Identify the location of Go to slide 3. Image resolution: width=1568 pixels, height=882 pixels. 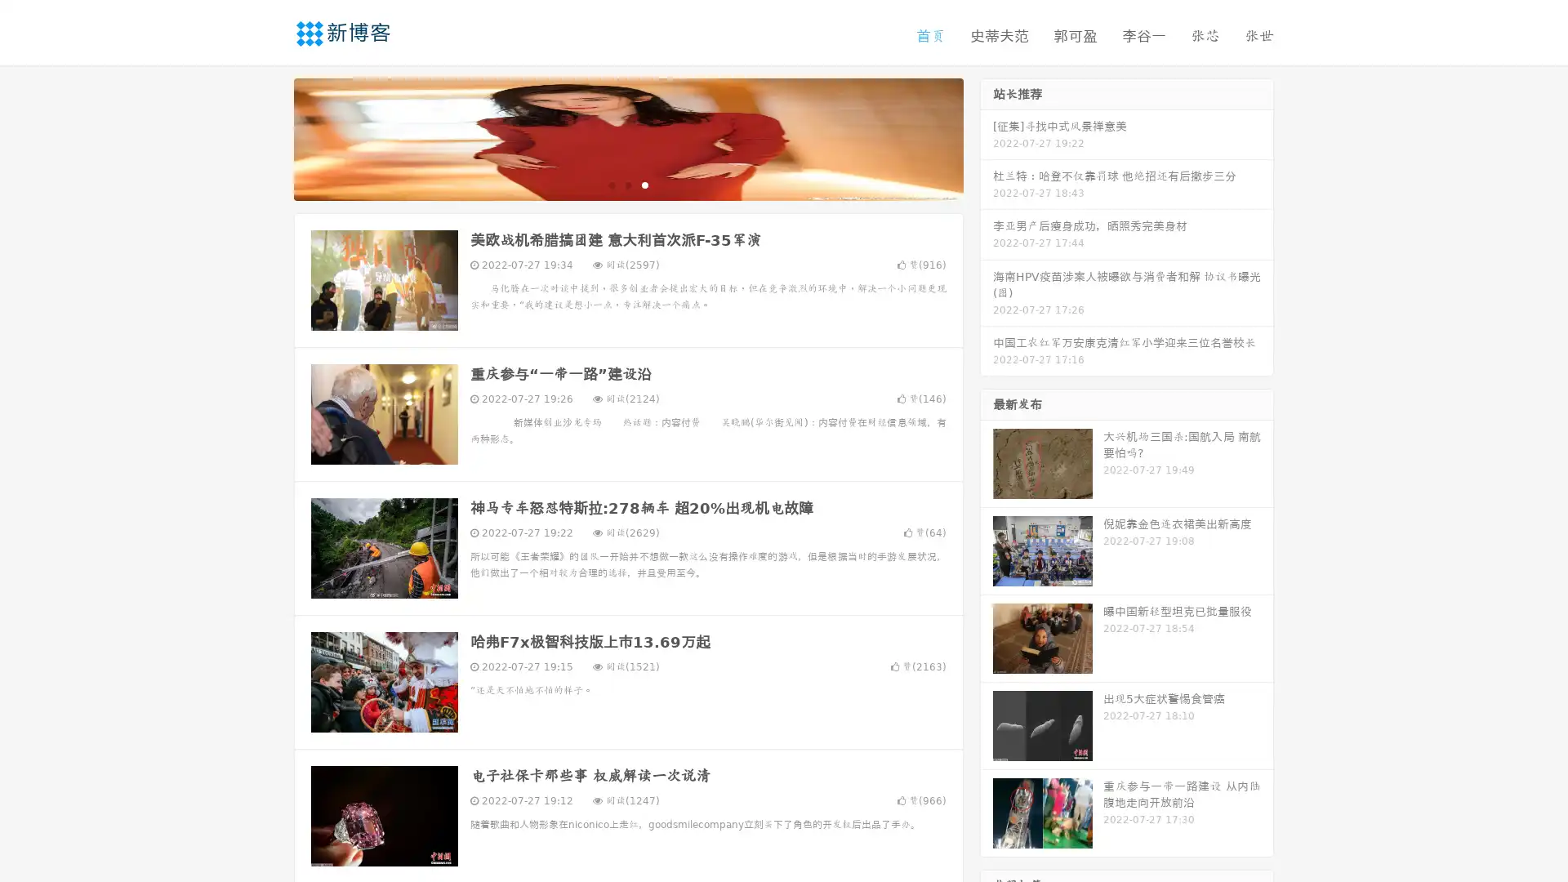
(644, 184).